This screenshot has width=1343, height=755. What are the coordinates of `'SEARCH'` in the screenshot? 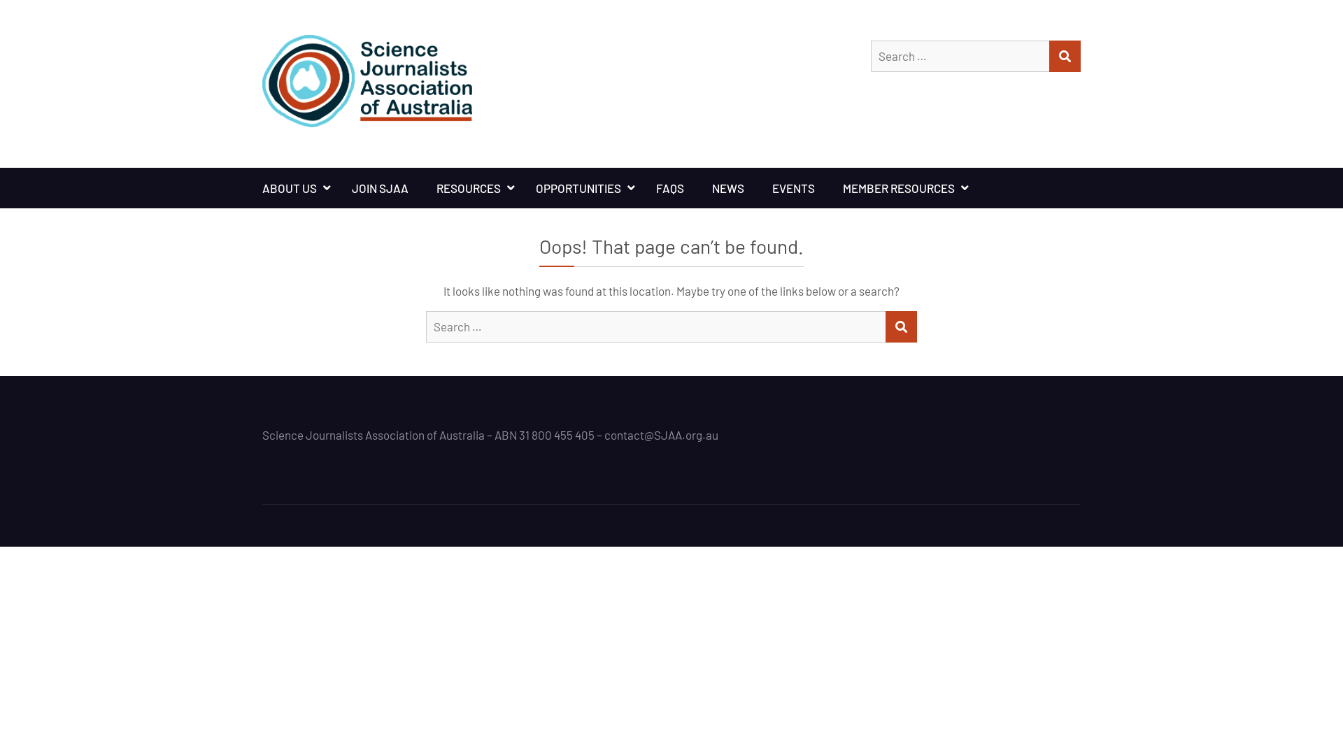 It's located at (901, 326).